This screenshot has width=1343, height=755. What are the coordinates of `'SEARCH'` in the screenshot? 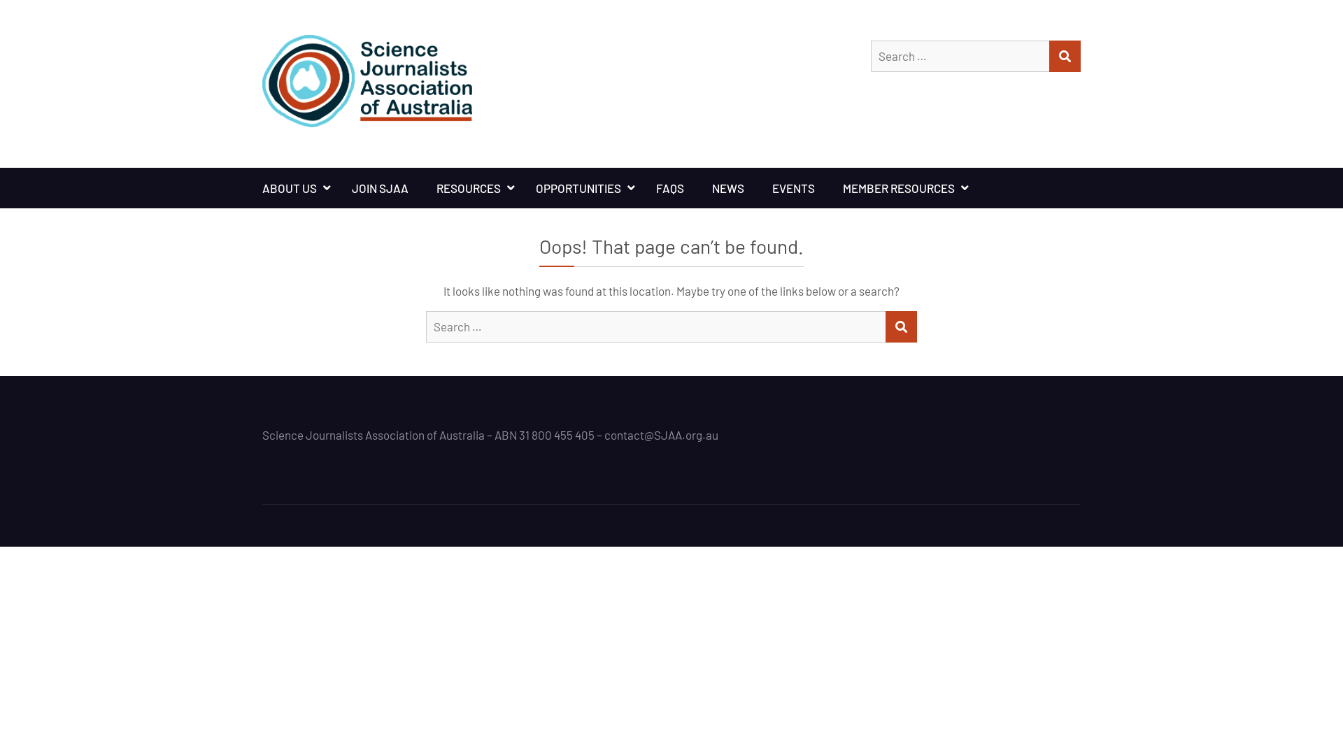 It's located at (901, 326).